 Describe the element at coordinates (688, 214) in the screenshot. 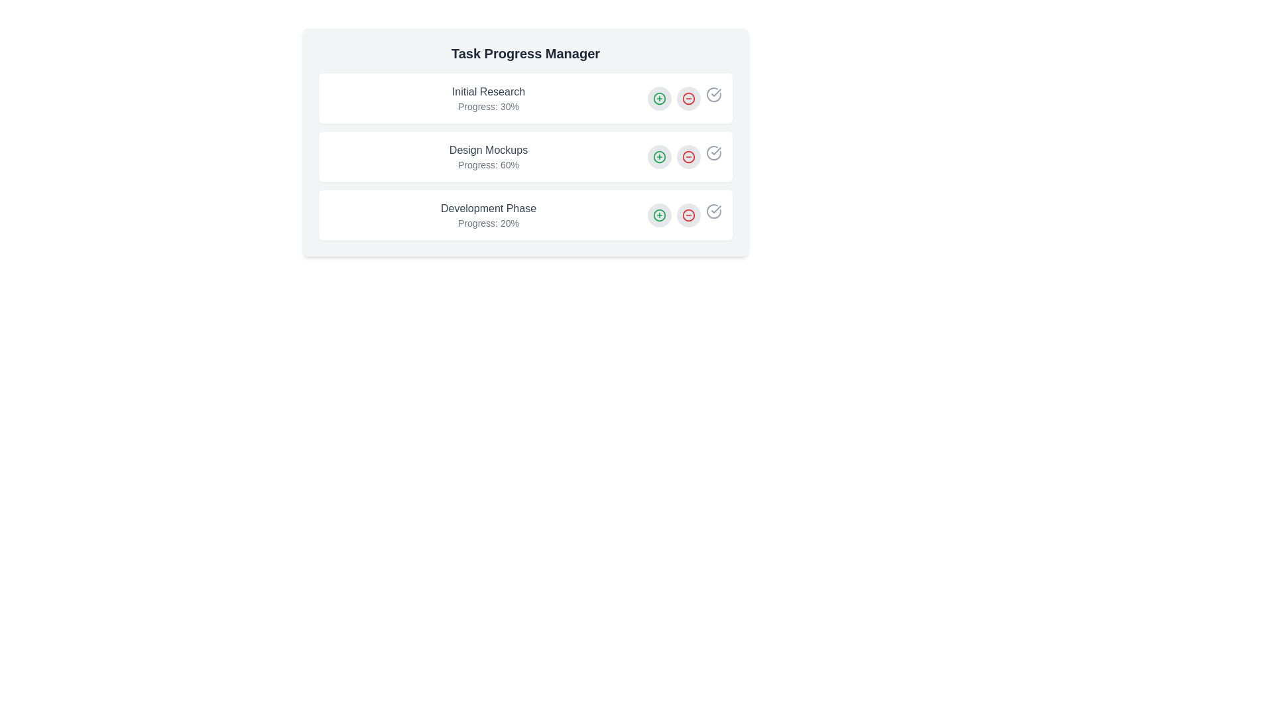

I see `the 'remove' button in the third row of the task list under 'Development Phase' to trigger the hover effect` at that location.